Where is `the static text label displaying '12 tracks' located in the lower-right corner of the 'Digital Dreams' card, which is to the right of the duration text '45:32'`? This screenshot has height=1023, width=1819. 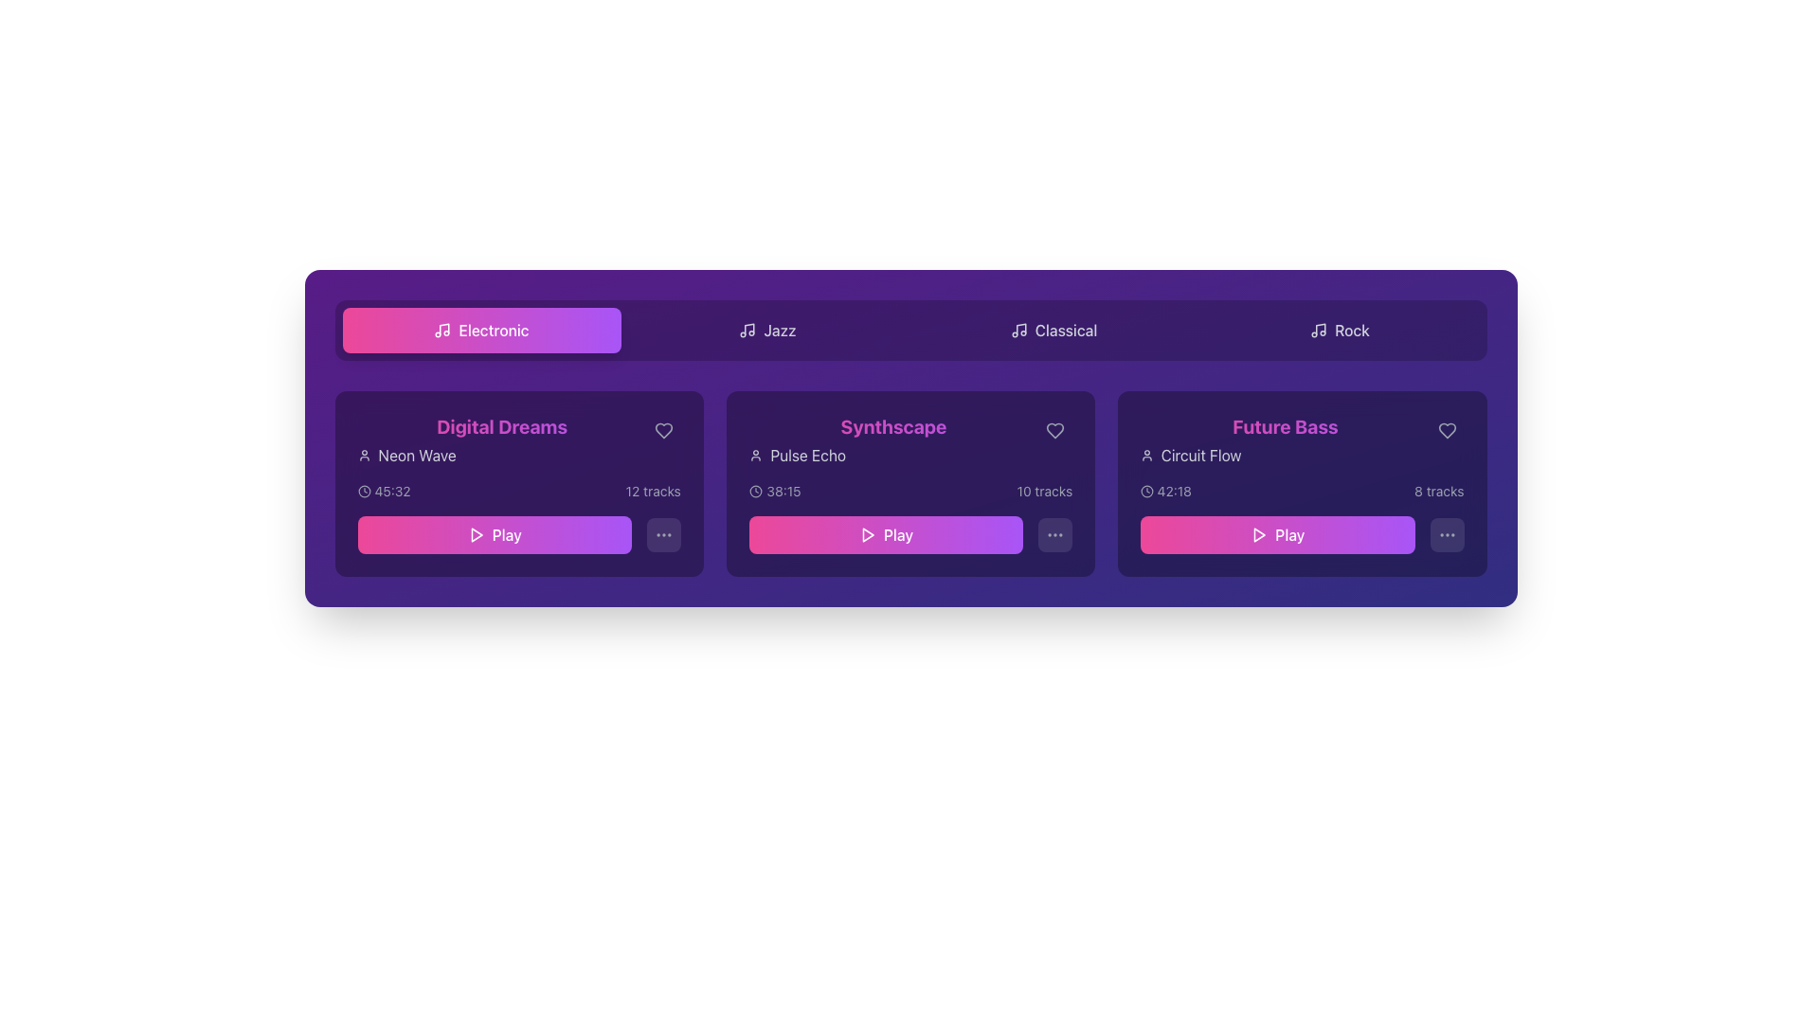 the static text label displaying '12 tracks' located in the lower-right corner of the 'Digital Dreams' card, which is to the right of the duration text '45:32' is located at coordinates (653, 491).